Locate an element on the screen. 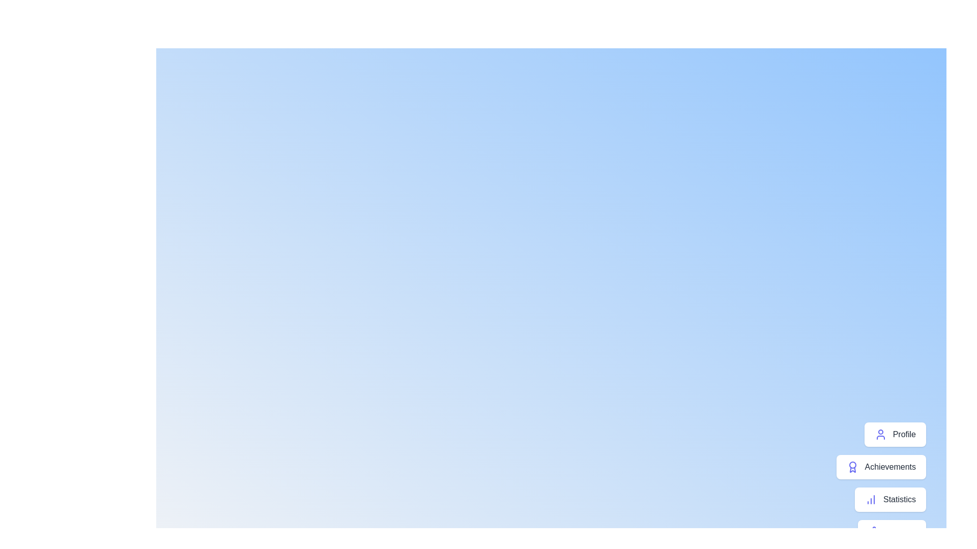 This screenshot has height=549, width=977. the 'Achievements' button in the menu is located at coordinates (880, 467).